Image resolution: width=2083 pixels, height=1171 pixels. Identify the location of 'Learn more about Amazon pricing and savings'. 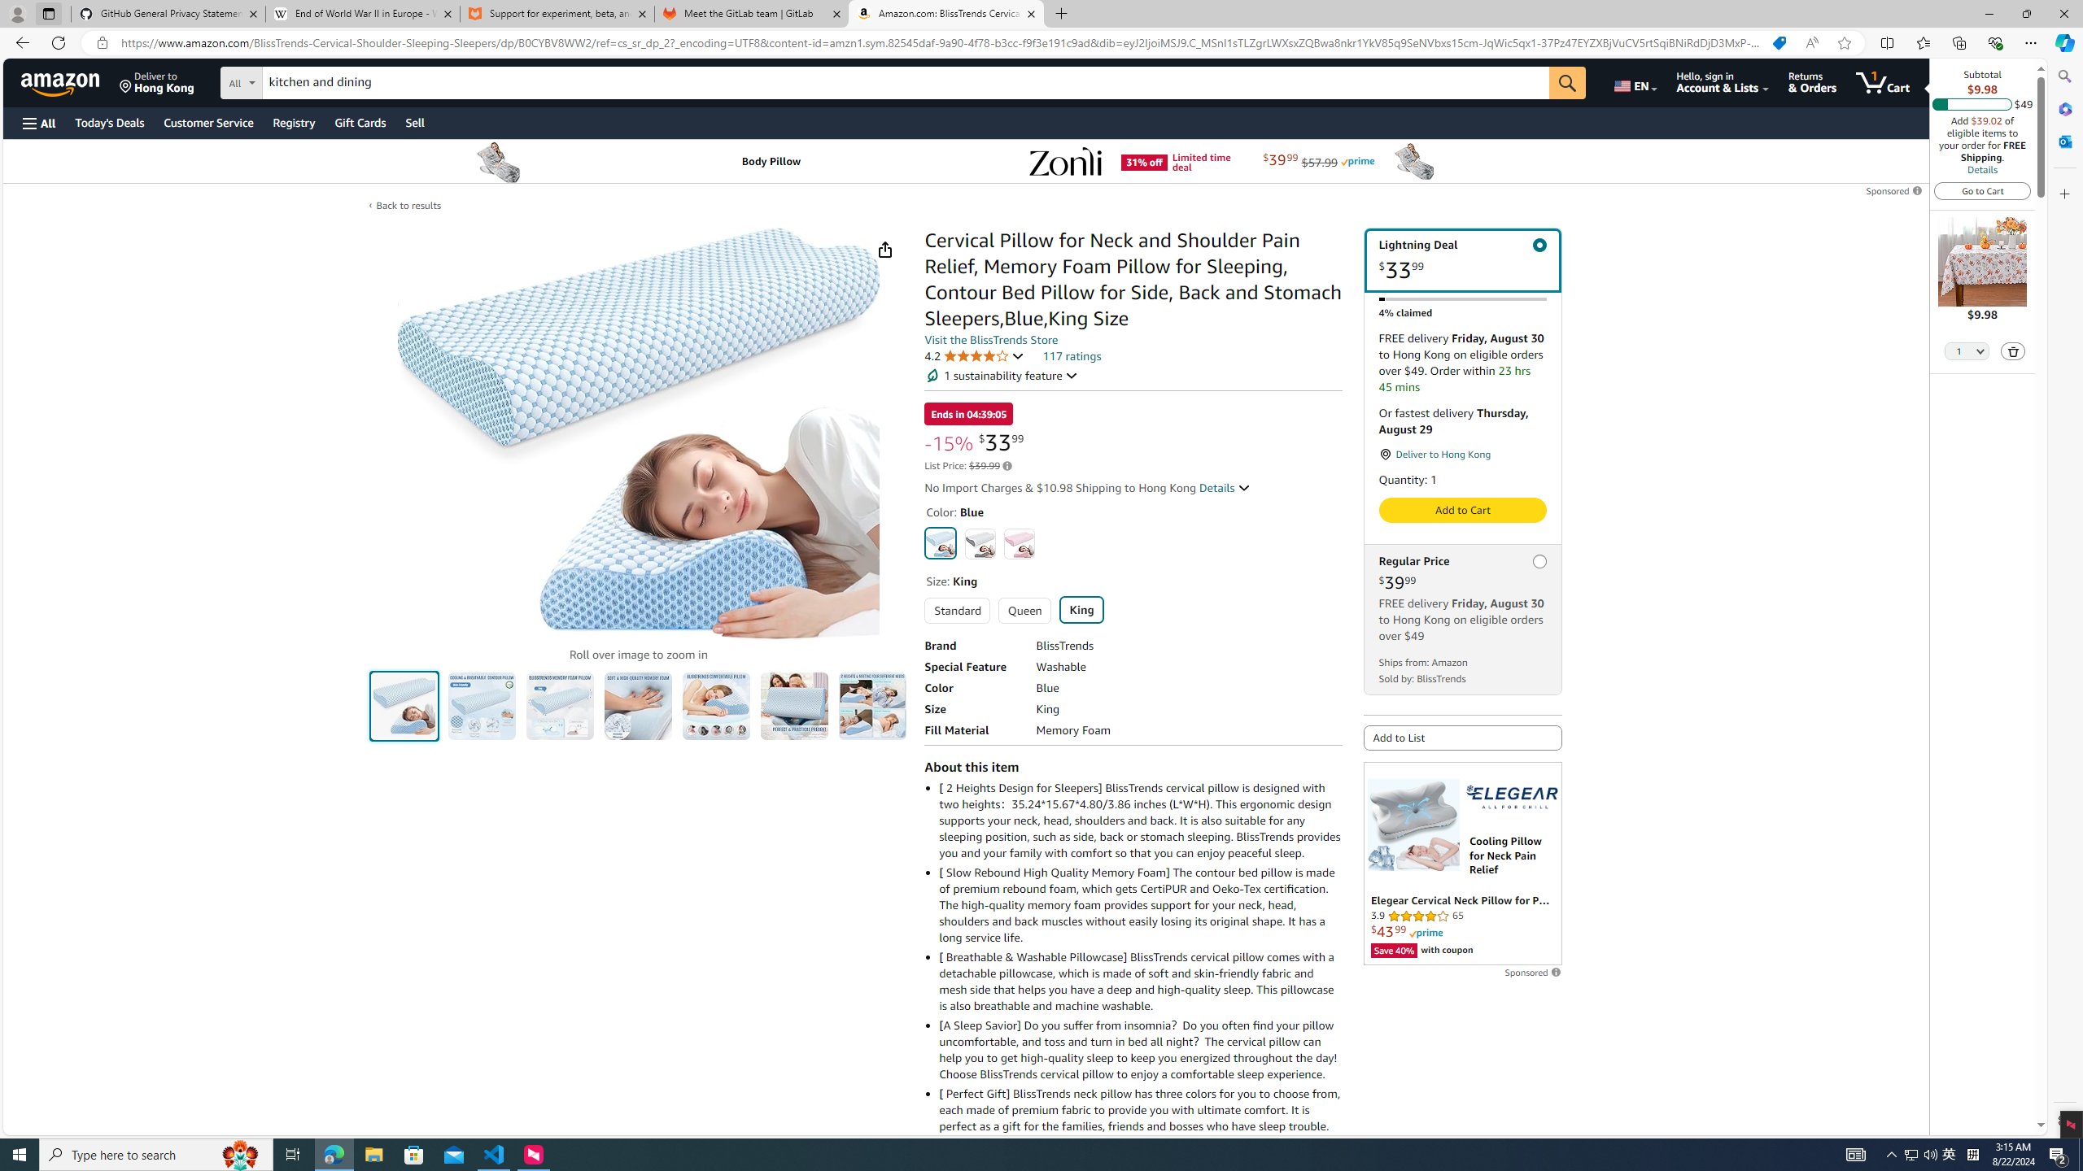
(1006, 465).